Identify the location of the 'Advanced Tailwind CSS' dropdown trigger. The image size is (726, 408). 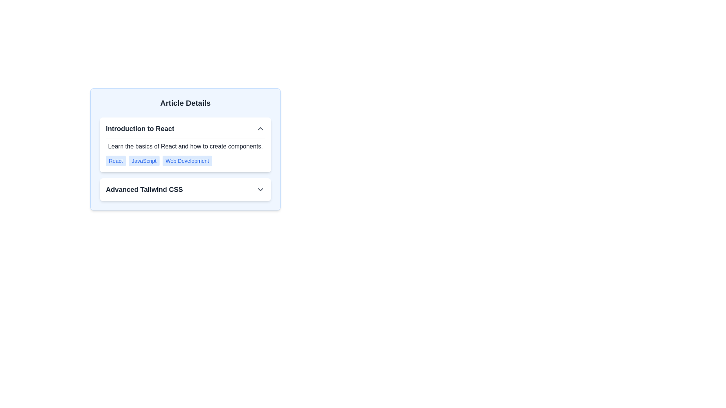
(185, 189).